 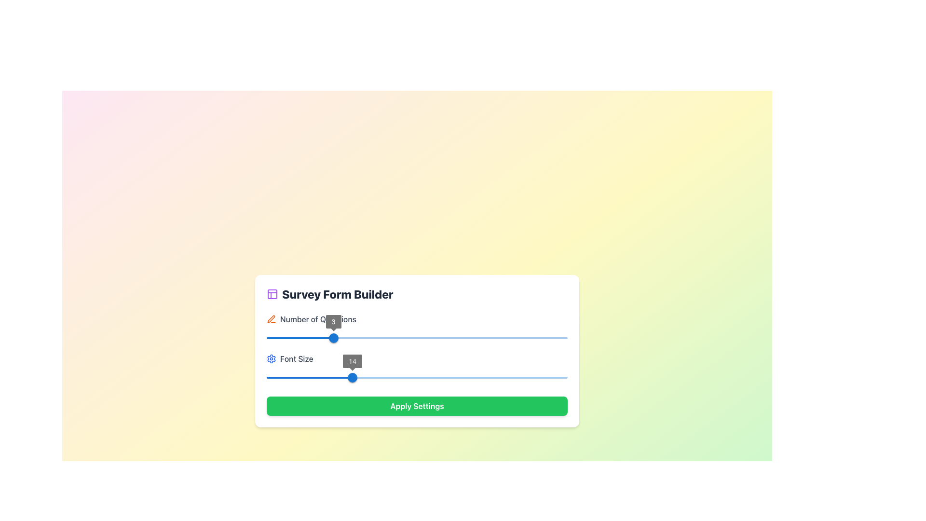 I want to click on the slider value, so click(x=552, y=377).